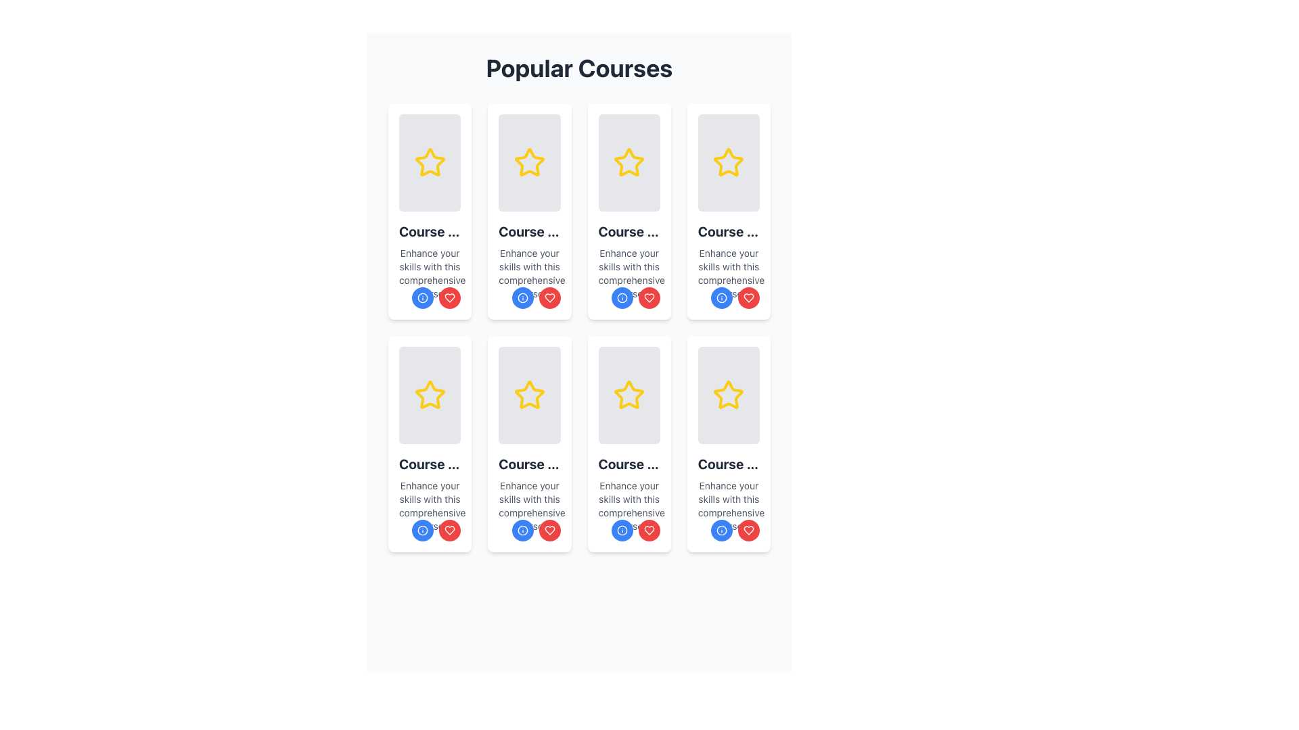 This screenshot has width=1299, height=730. I want to click on the heart-shaped icon, which is filled with red and located at the bottom of a course card, so click(549, 297).